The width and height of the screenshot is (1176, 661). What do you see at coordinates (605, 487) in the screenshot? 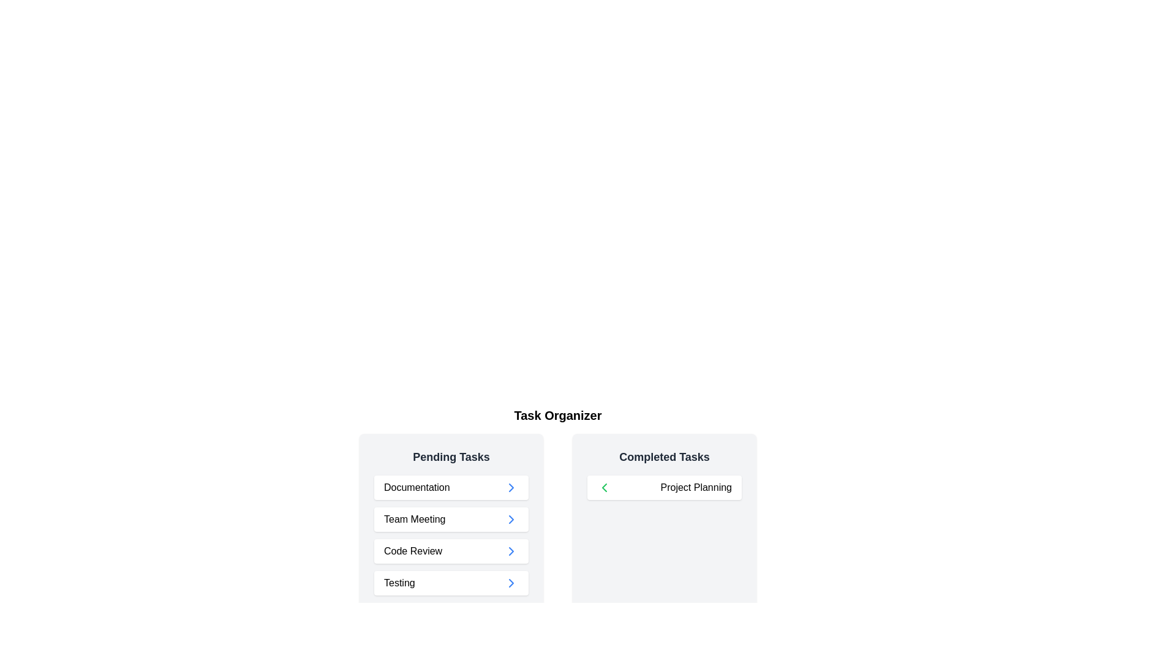
I see `the left arrow button next to the task 'Project Planning' in the 'Completed Tasks' section to move it to 'Pending Tasks'` at bounding box center [605, 487].